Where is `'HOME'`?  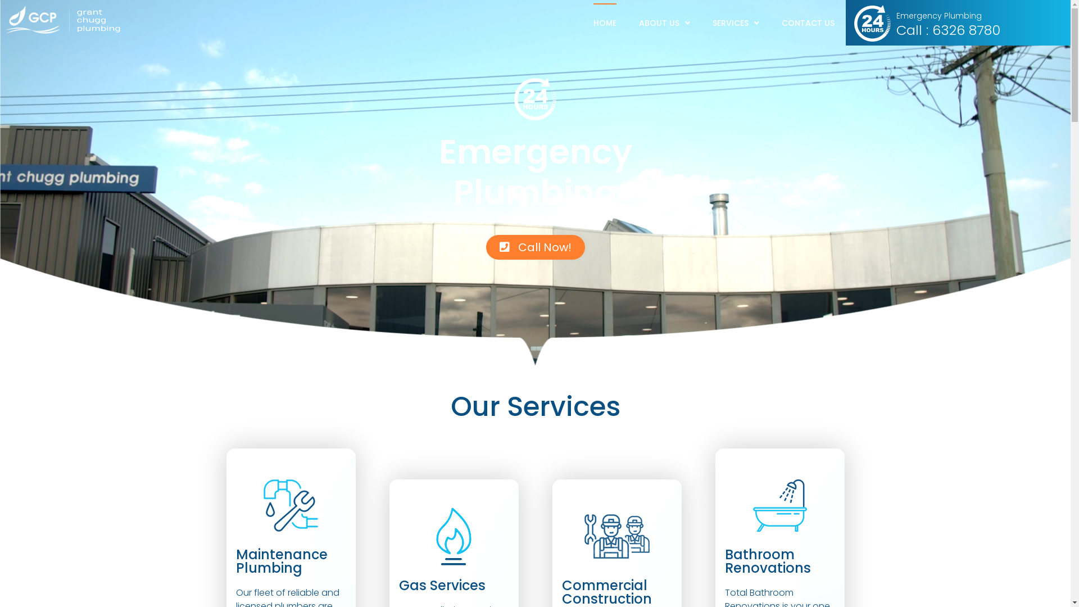 'HOME' is located at coordinates (604, 23).